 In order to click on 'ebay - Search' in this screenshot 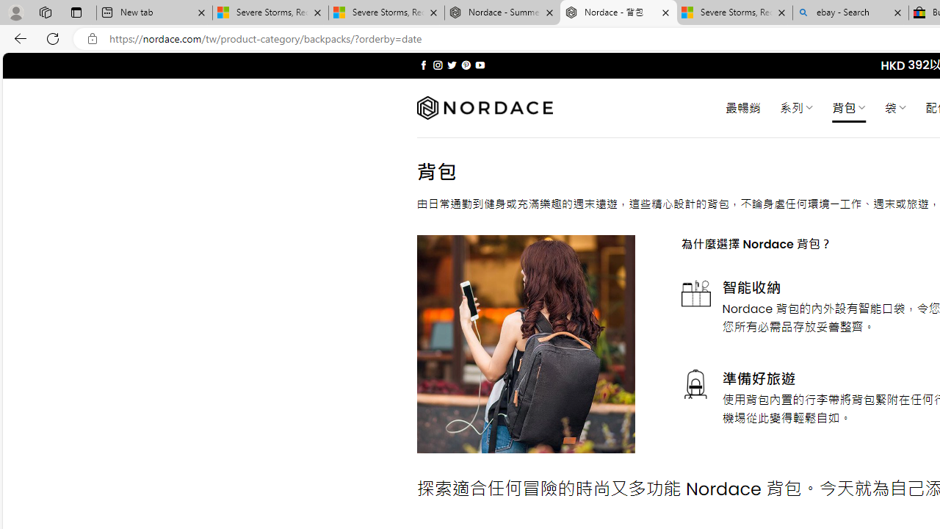, I will do `click(850, 12)`.